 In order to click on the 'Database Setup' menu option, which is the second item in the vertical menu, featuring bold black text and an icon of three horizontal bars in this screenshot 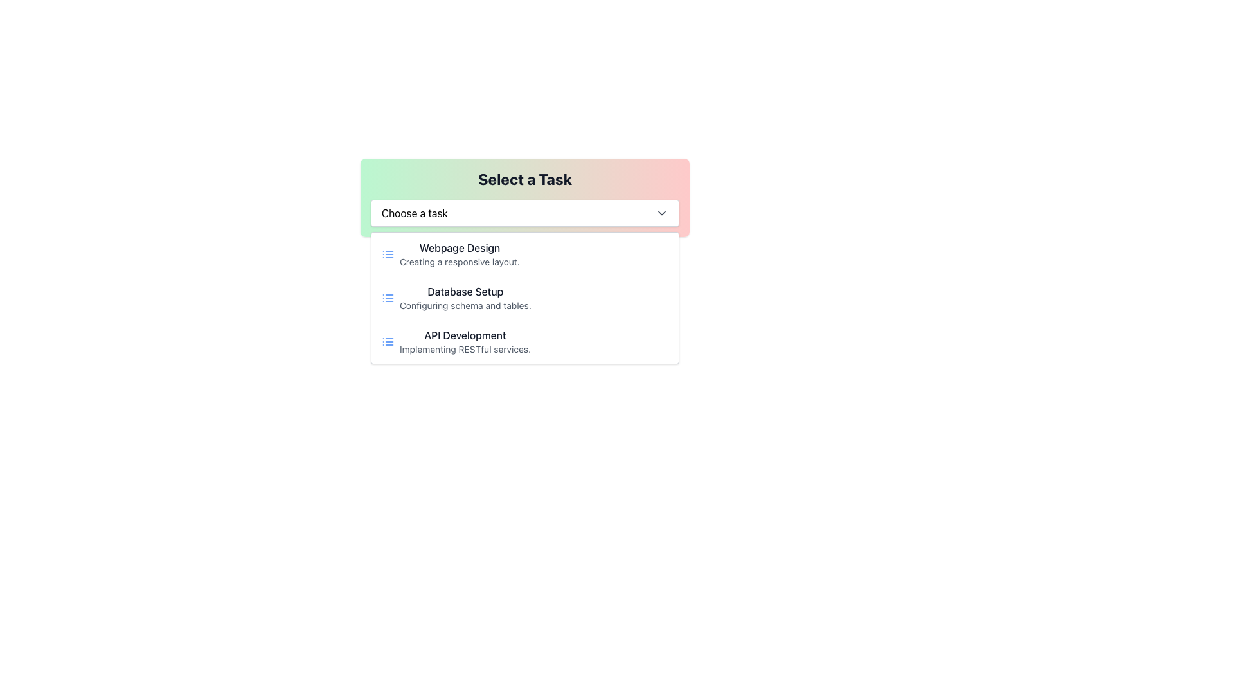, I will do `click(524, 298)`.